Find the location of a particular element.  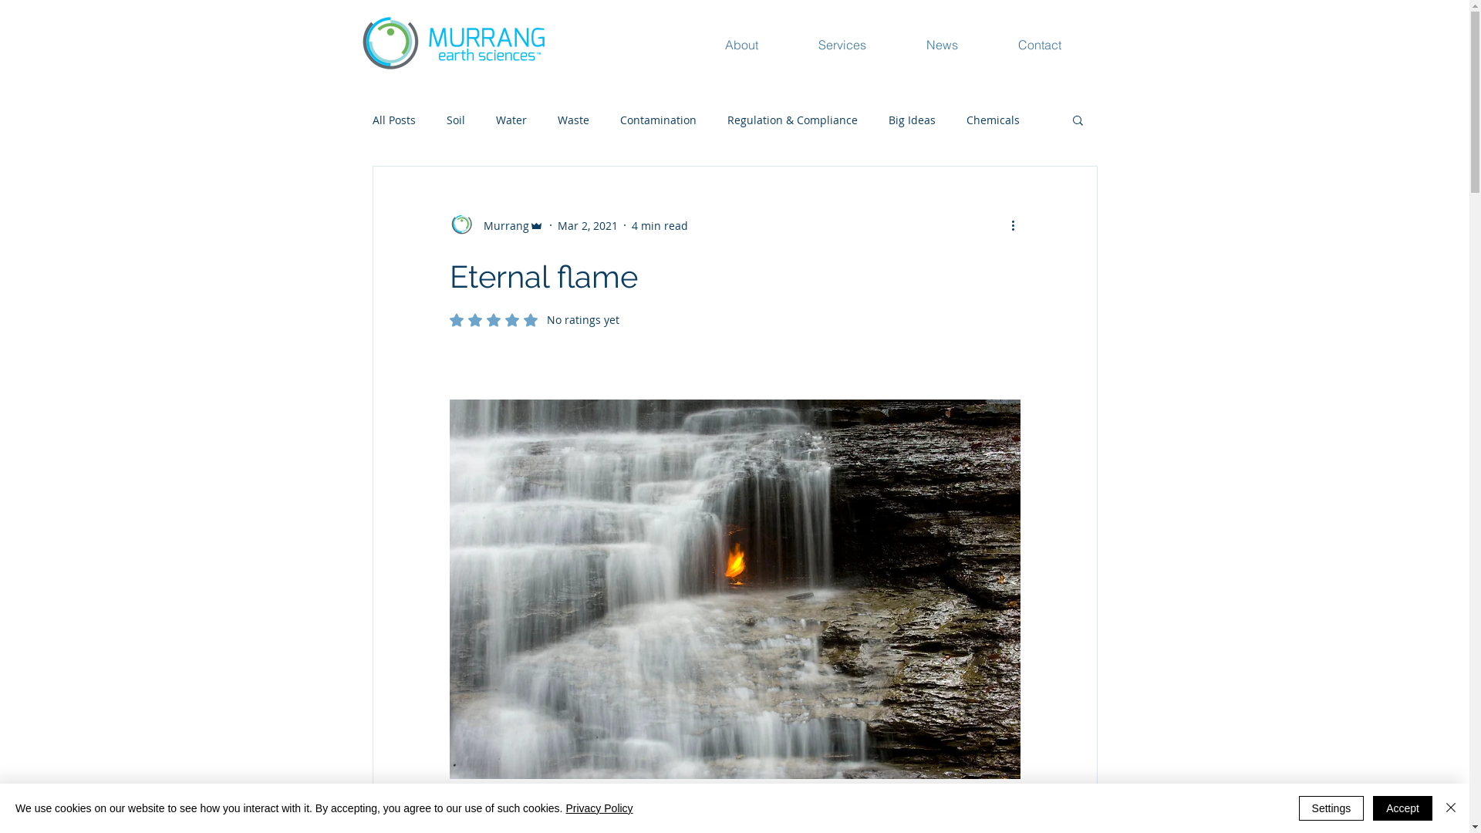

'Water' is located at coordinates (511, 119).